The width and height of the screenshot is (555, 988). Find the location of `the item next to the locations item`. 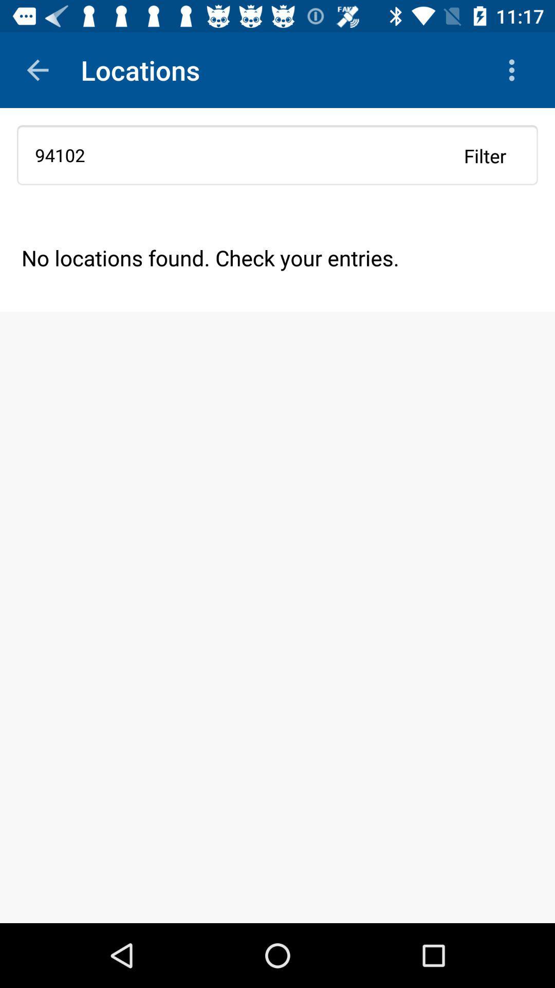

the item next to the locations item is located at coordinates (37, 69).